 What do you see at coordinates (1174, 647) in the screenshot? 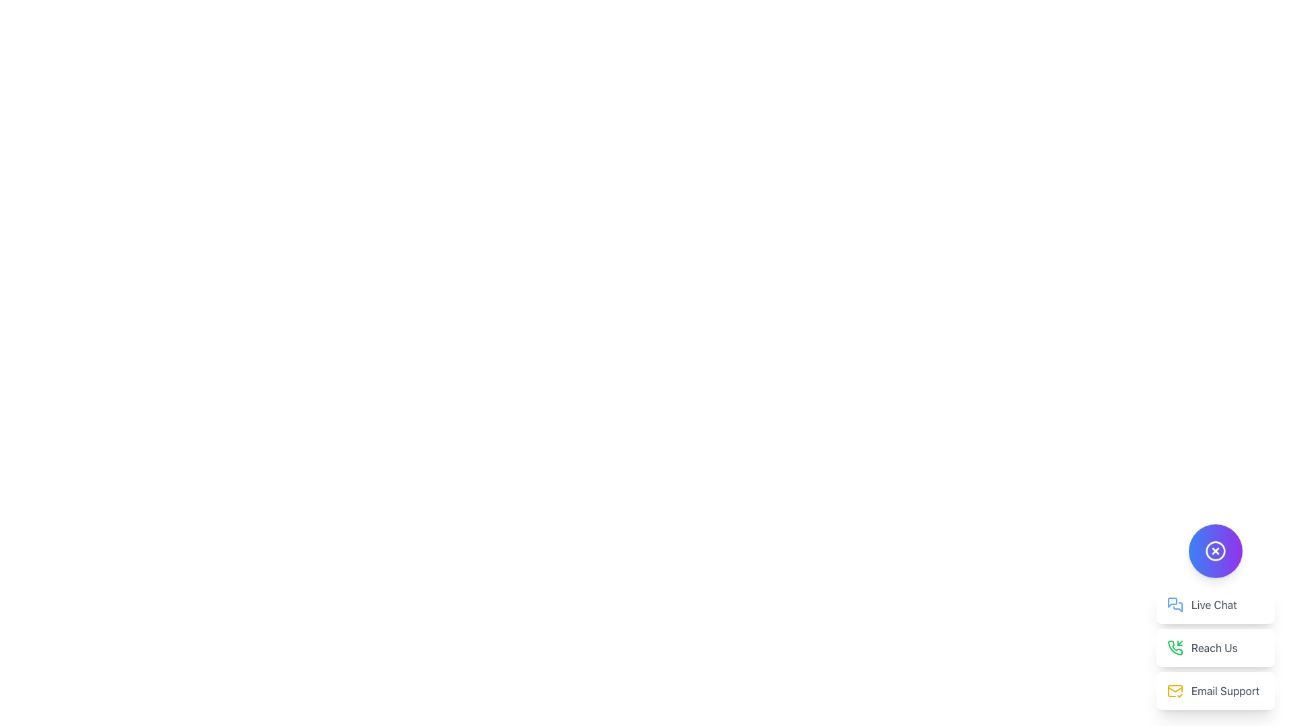
I see `the incoming phone call icon located at the lower right corner of the interface` at bounding box center [1174, 647].